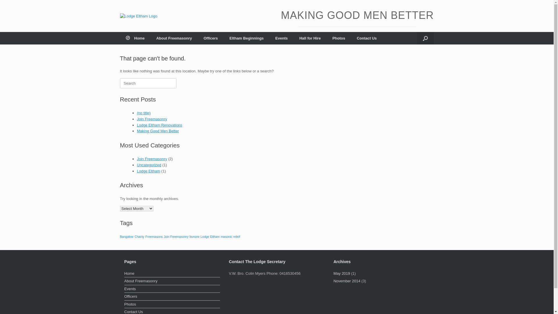  I want to click on 'November 2014', so click(347, 281).